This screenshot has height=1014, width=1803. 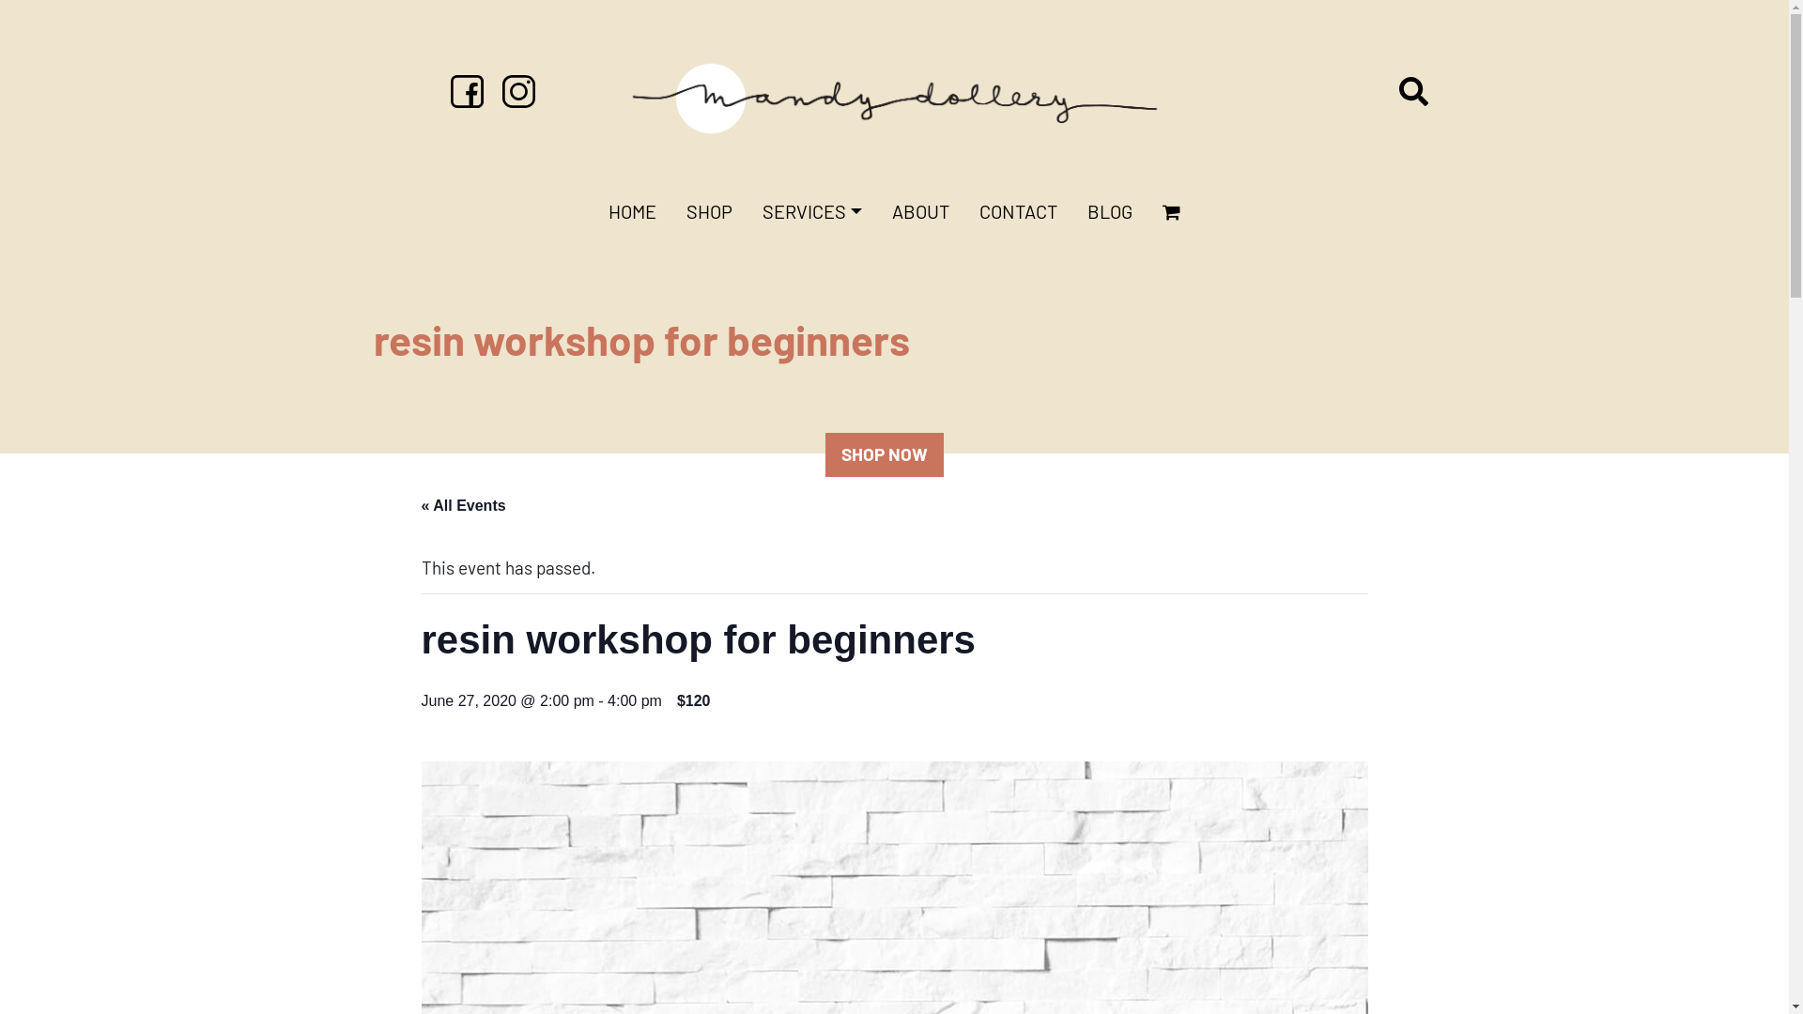 I want to click on 'CONTACT', so click(x=1017, y=210).